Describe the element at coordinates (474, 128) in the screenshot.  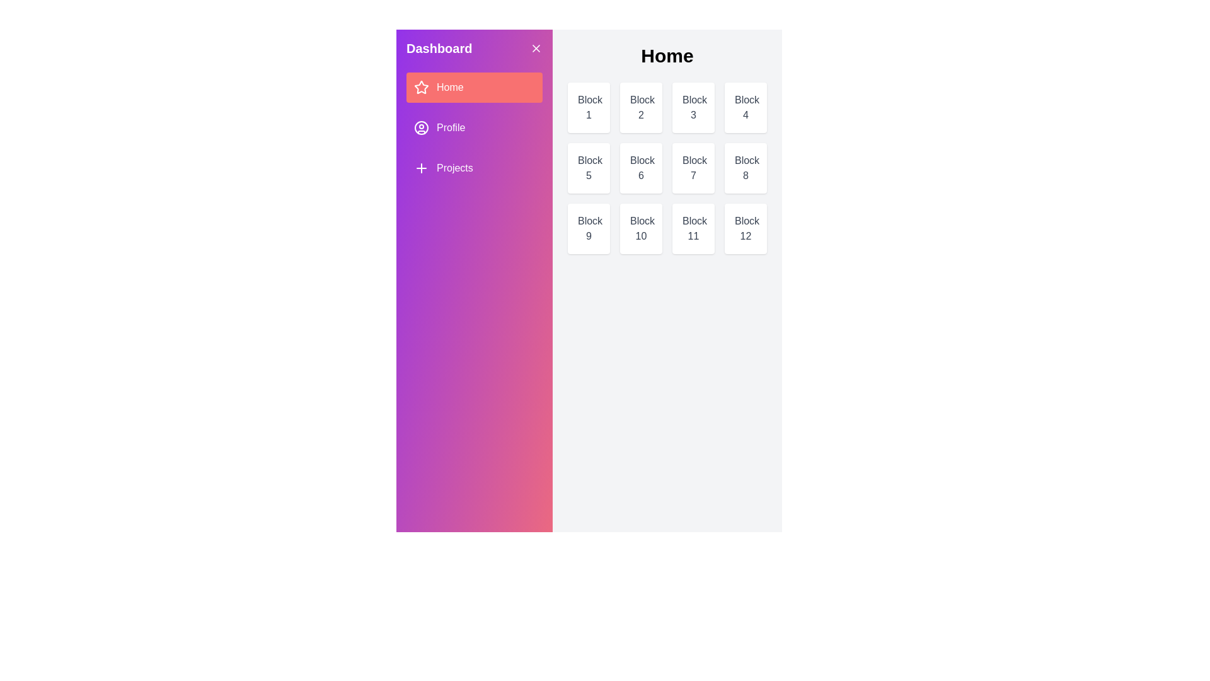
I see `the menu item corresponding to Profile to navigate to that section` at that location.